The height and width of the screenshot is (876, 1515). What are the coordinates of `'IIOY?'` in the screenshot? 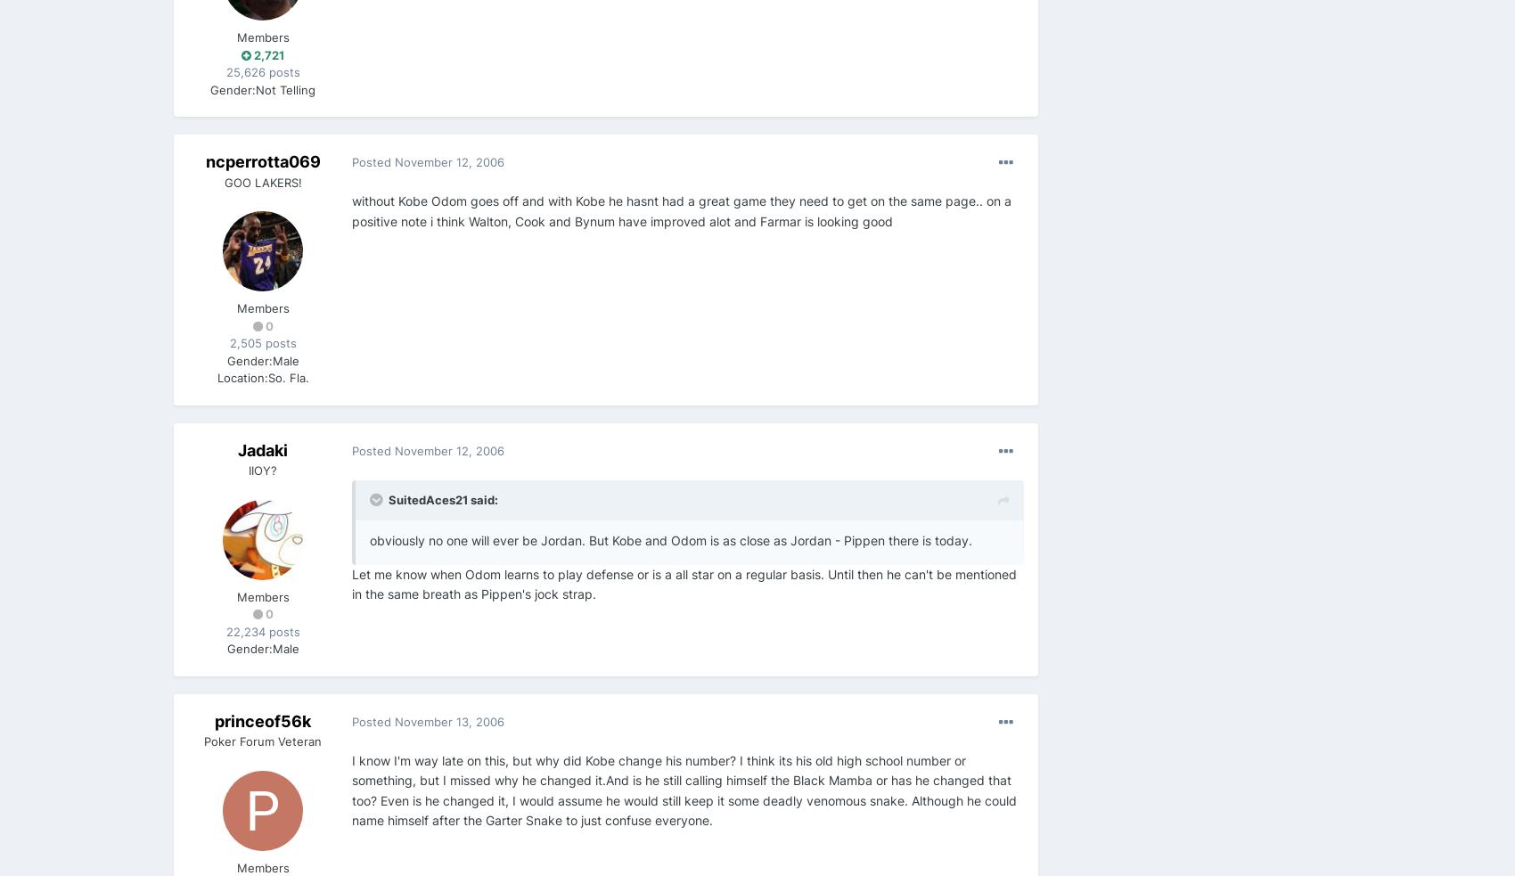 It's located at (262, 470).